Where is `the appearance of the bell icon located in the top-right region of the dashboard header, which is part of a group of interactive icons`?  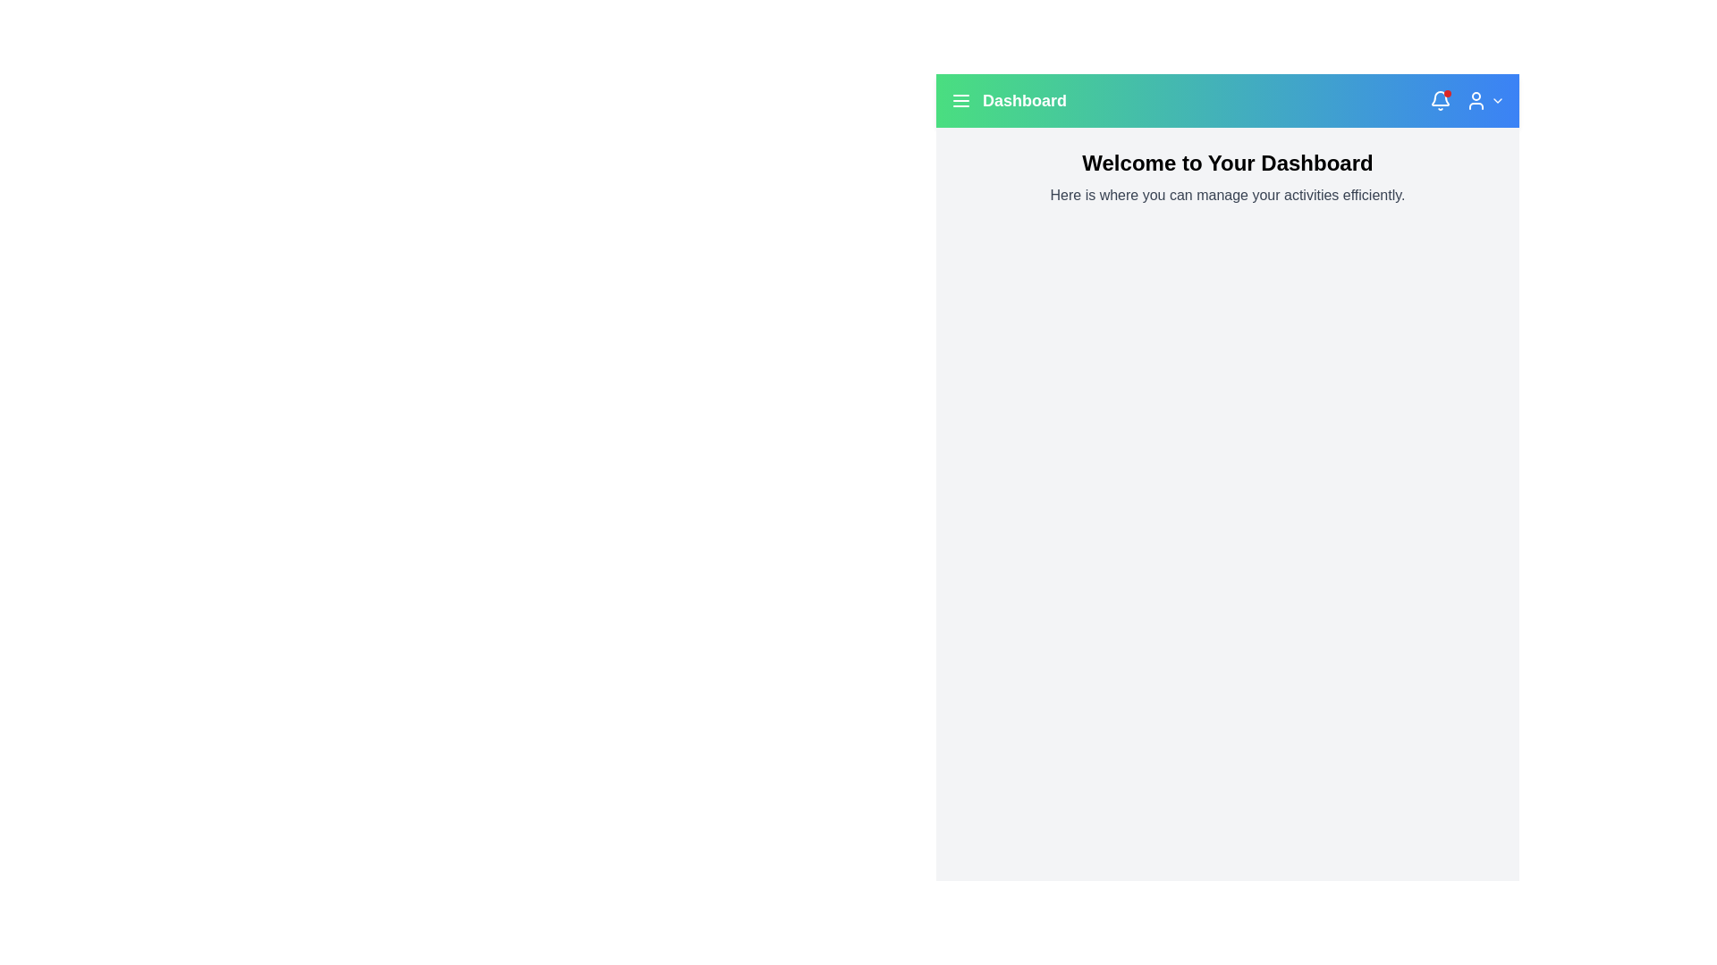 the appearance of the bell icon located in the top-right region of the dashboard header, which is part of a group of interactive icons is located at coordinates (1441, 98).